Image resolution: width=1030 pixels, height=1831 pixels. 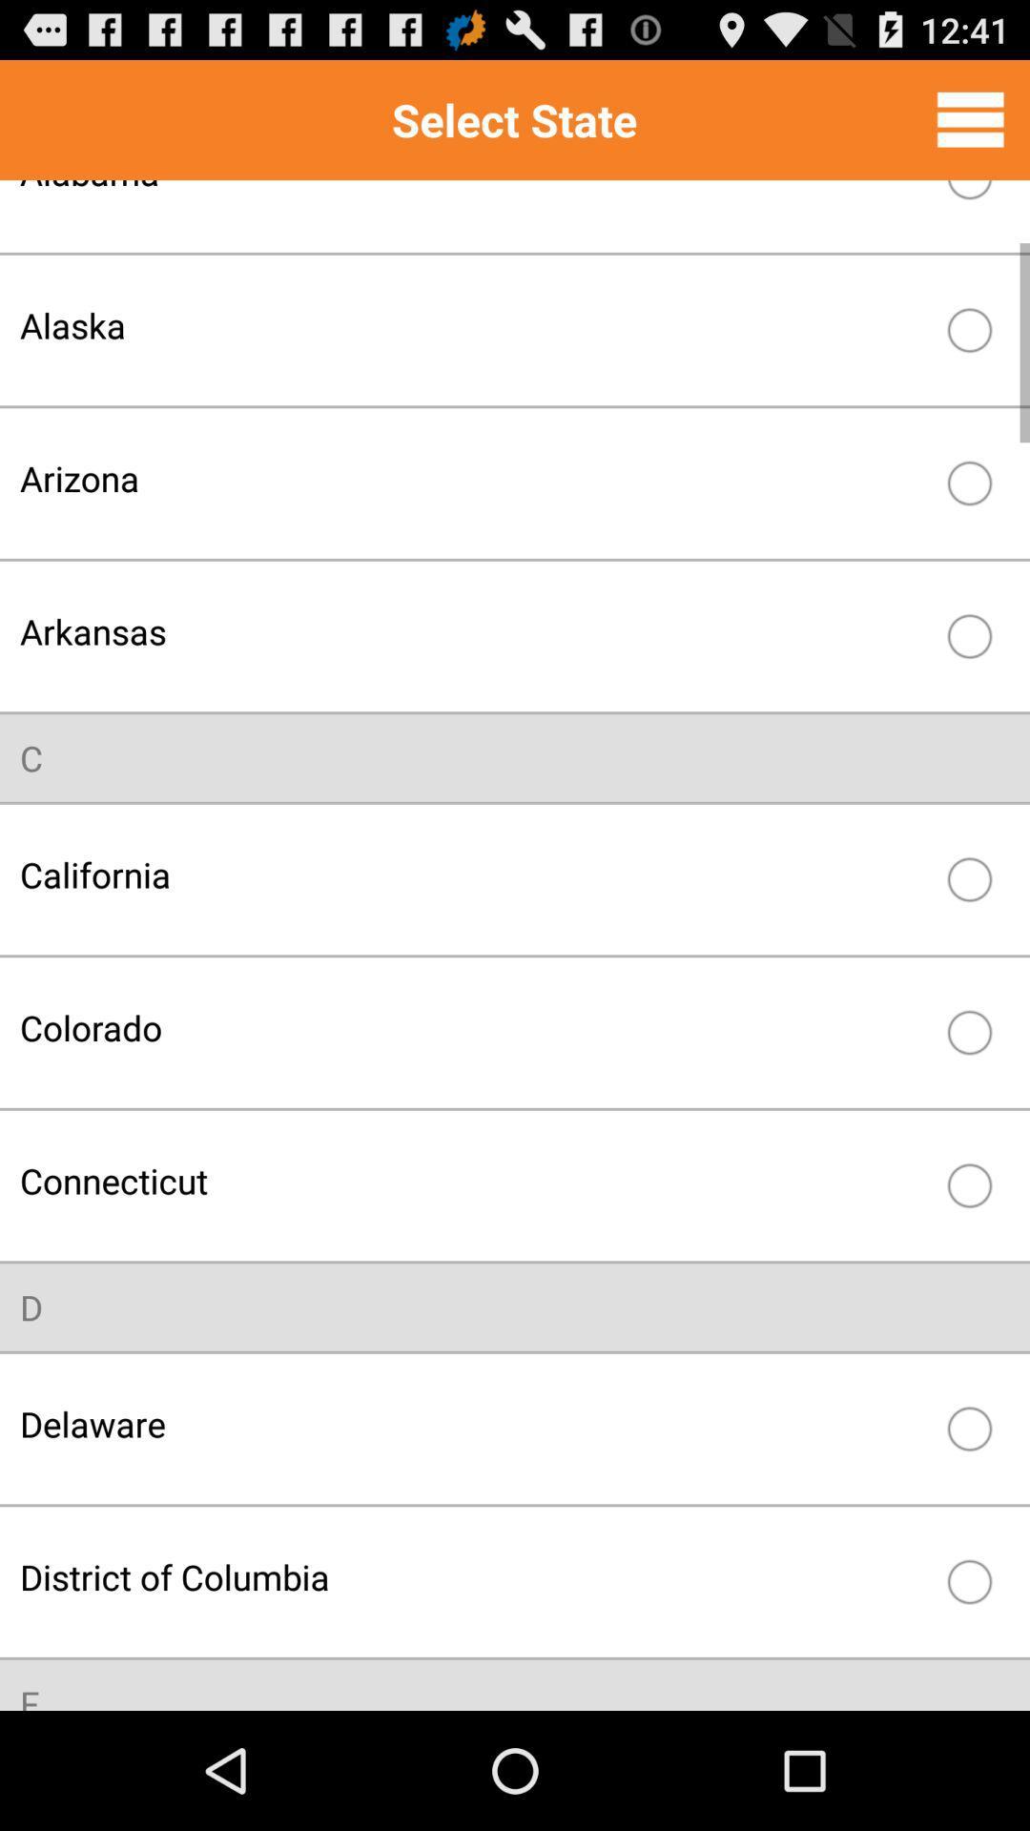 What do you see at coordinates (473, 201) in the screenshot?
I see `item above the alaska item` at bounding box center [473, 201].